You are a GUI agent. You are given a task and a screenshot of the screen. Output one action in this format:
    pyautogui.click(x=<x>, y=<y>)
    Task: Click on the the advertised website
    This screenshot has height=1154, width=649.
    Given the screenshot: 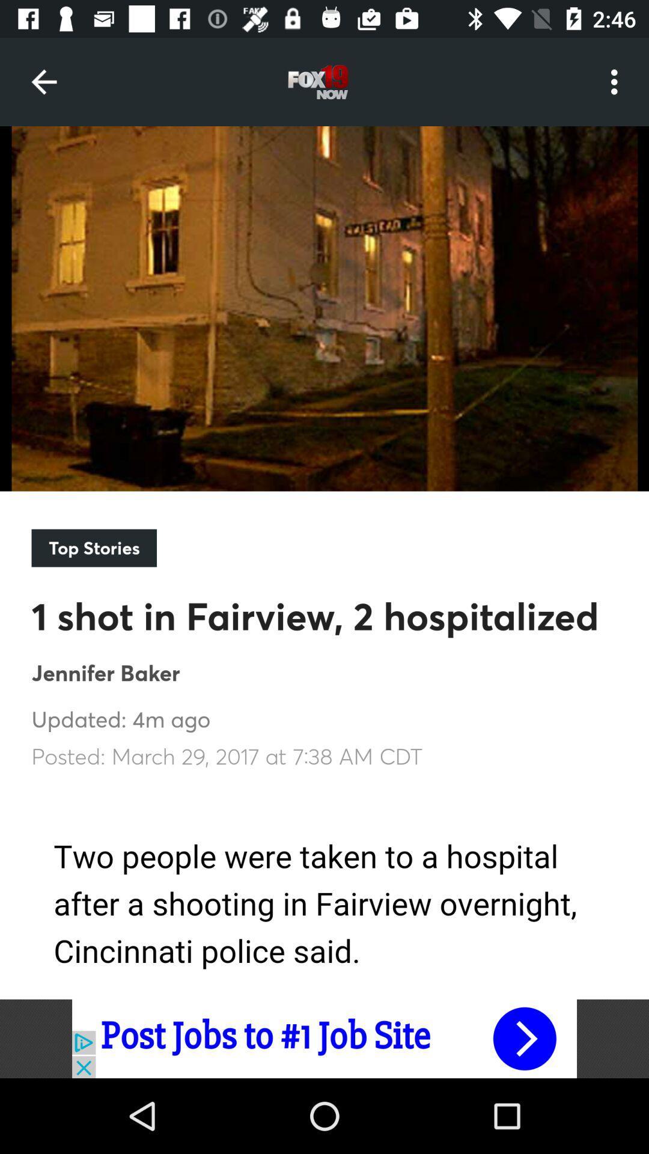 What is the action you would take?
    pyautogui.click(x=324, y=1038)
    